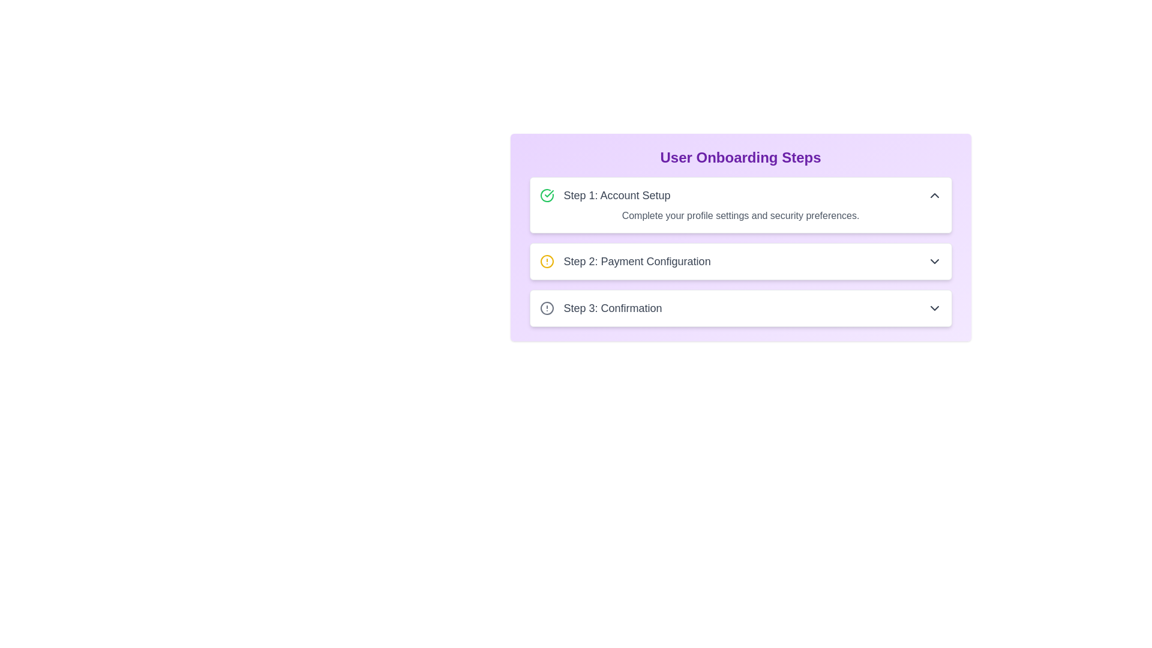  What do you see at coordinates (934, 307) in the screenshot?
I see `the rightmost downward chevron icon within the 'Step 3: Confirmation' section` at bounding box center [934, 307].